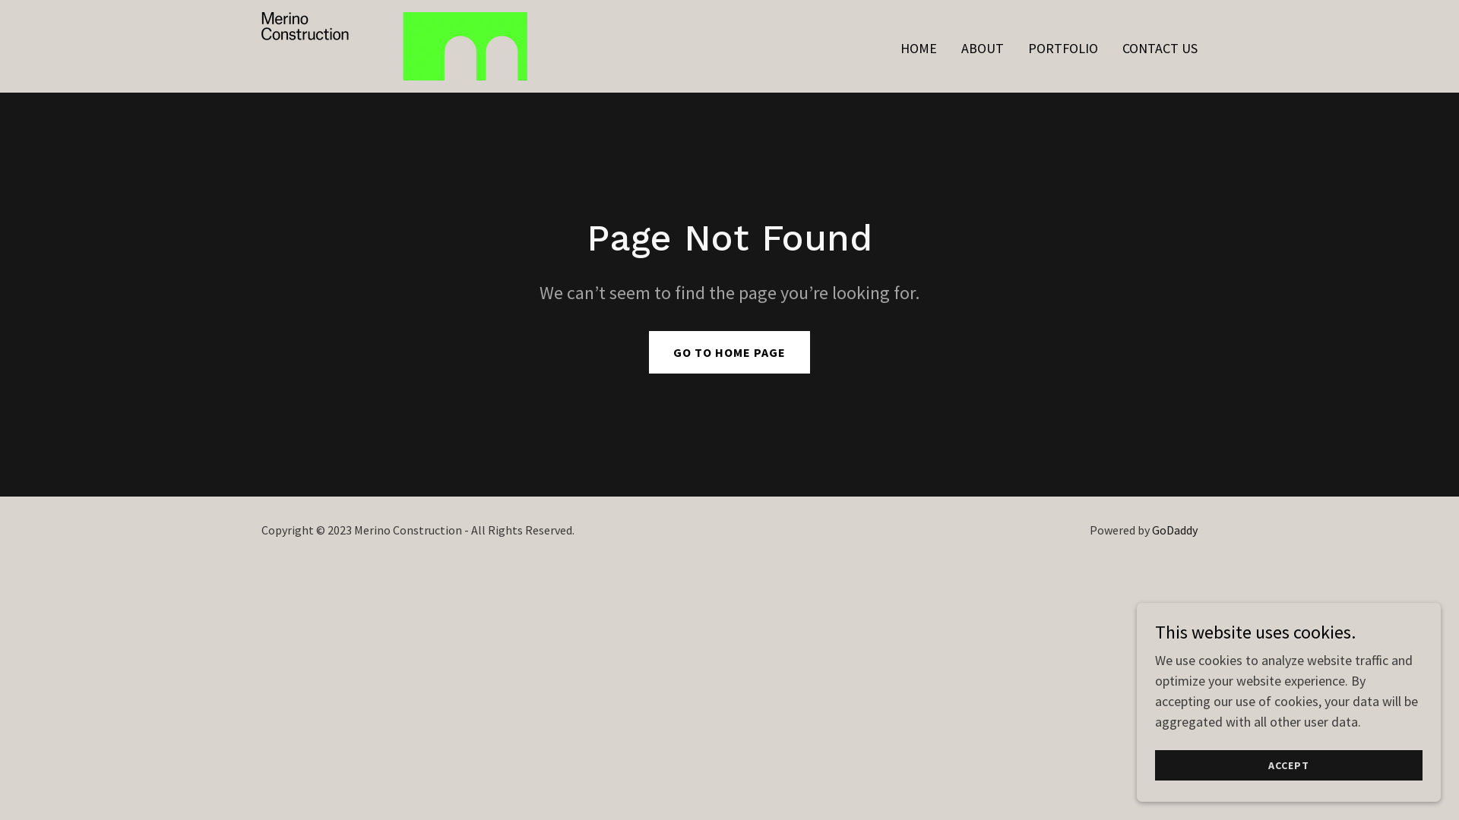  Describe the element at coordinates (1287, 765) in the screenshot. I see `'ACCEPT'` at that location.